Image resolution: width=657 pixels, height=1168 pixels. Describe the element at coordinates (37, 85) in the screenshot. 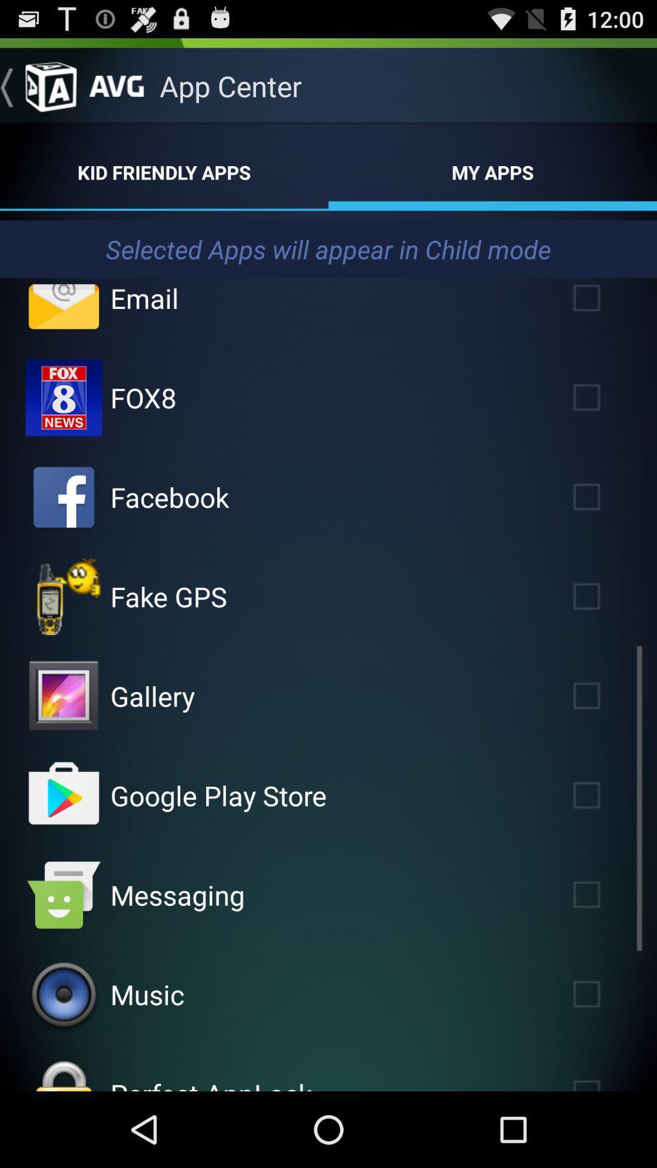

I see `the item above the kid friendly apps item` at that location.